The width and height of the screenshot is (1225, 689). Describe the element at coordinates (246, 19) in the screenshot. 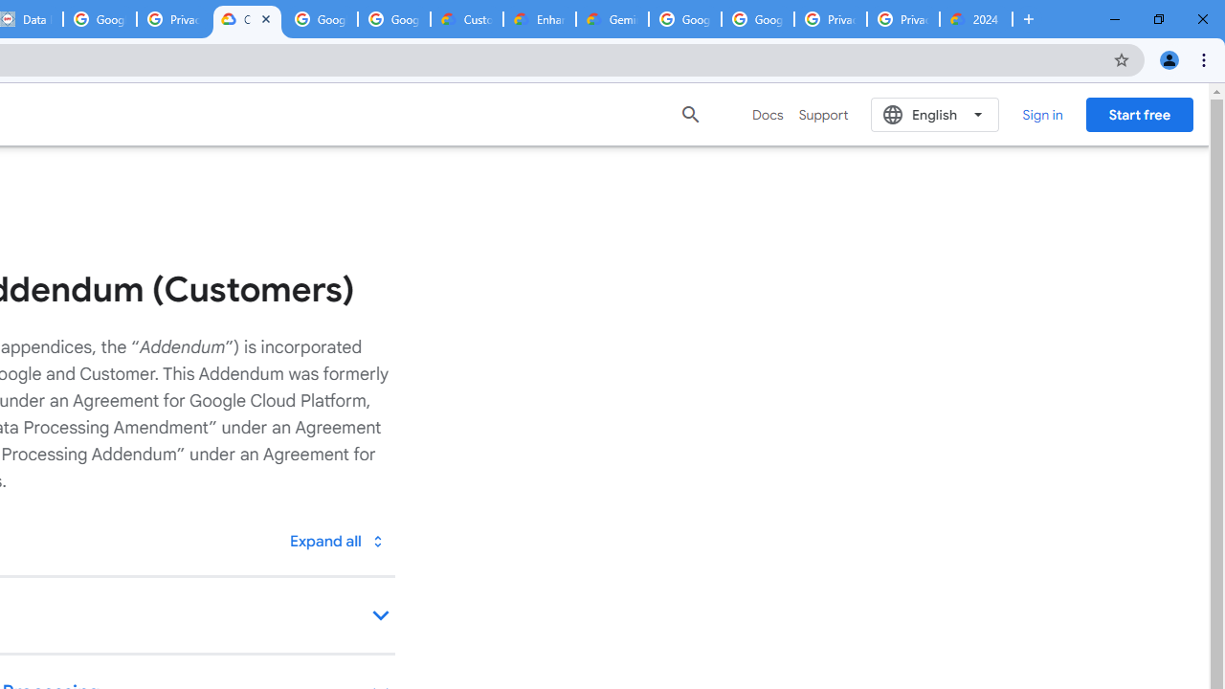

I see `'Cloud Data Processing Addendum | Google Cloud'` at that location.